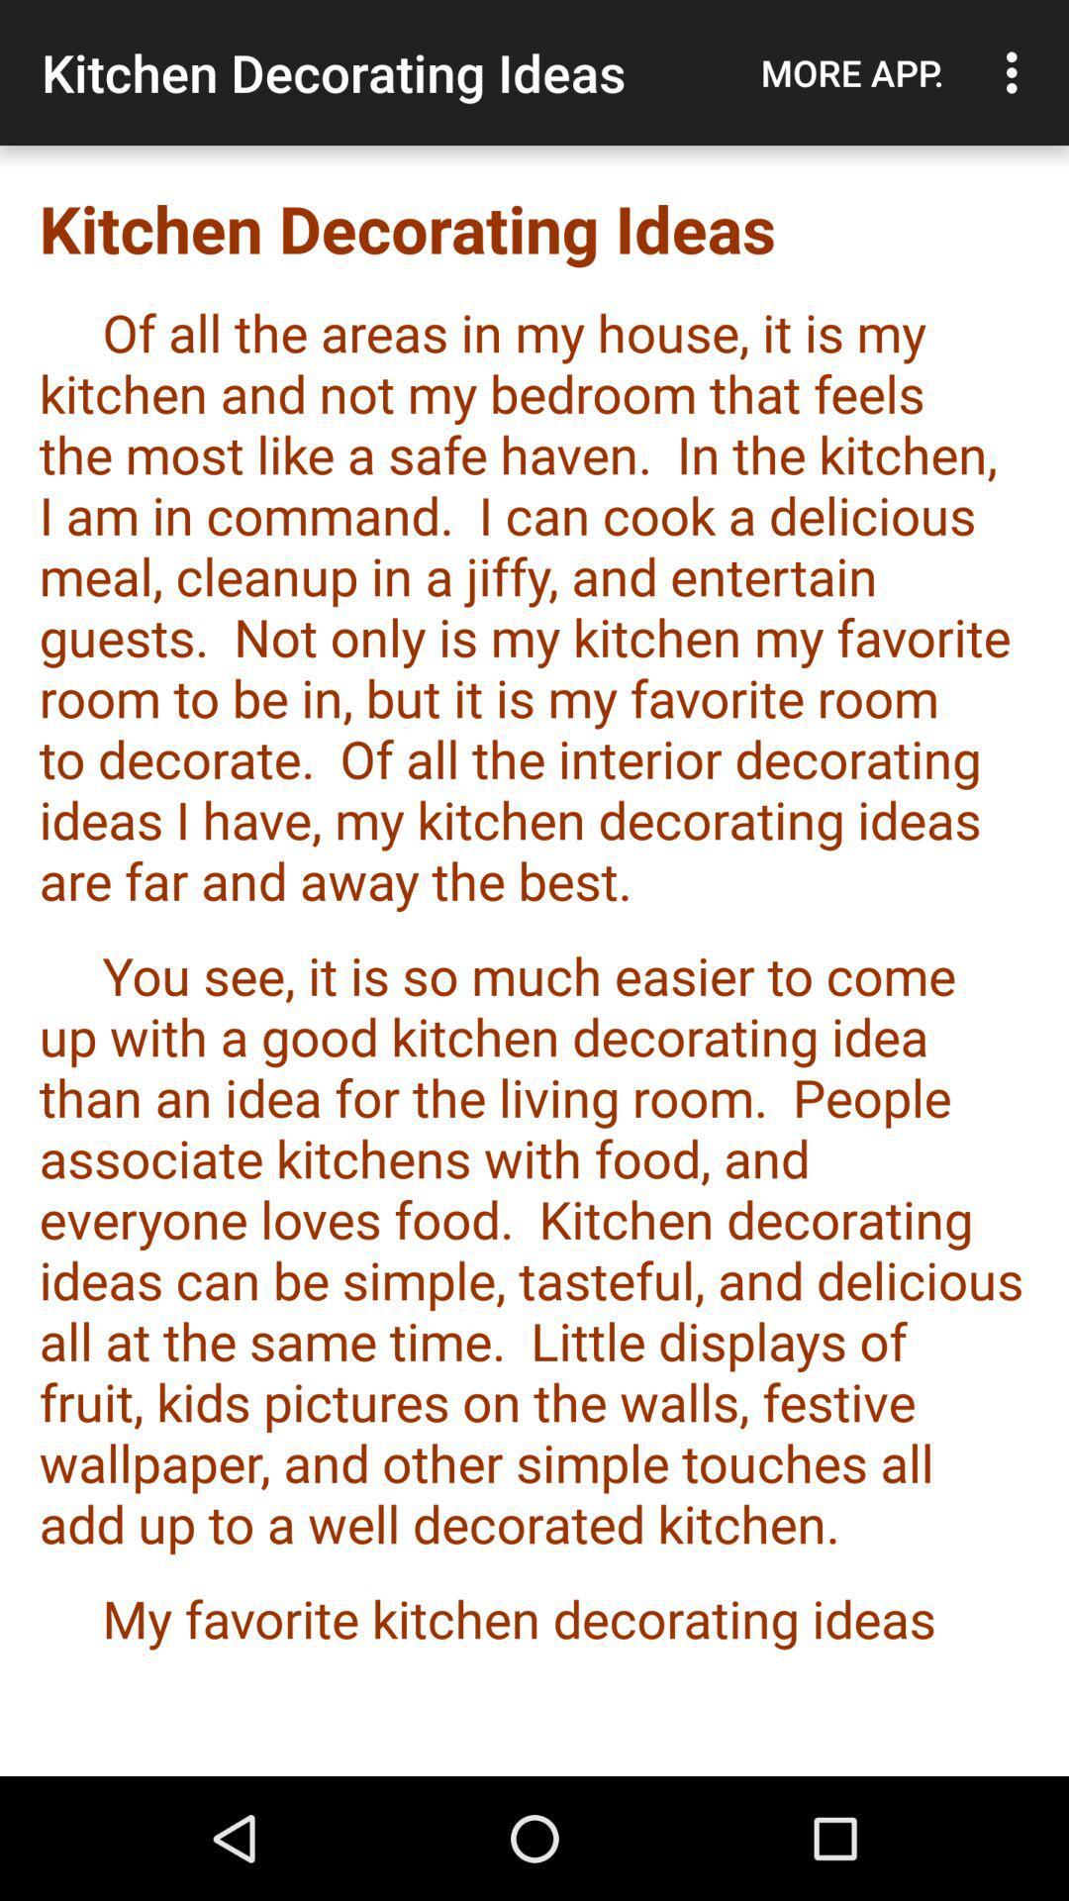 Image resolution: width=1069 pixels, height=1901 pixels. What do you see at coordinates (1017, 72) in the screenshot?
I see `the item next to more app. icon` at bounding box center [1017, 72].